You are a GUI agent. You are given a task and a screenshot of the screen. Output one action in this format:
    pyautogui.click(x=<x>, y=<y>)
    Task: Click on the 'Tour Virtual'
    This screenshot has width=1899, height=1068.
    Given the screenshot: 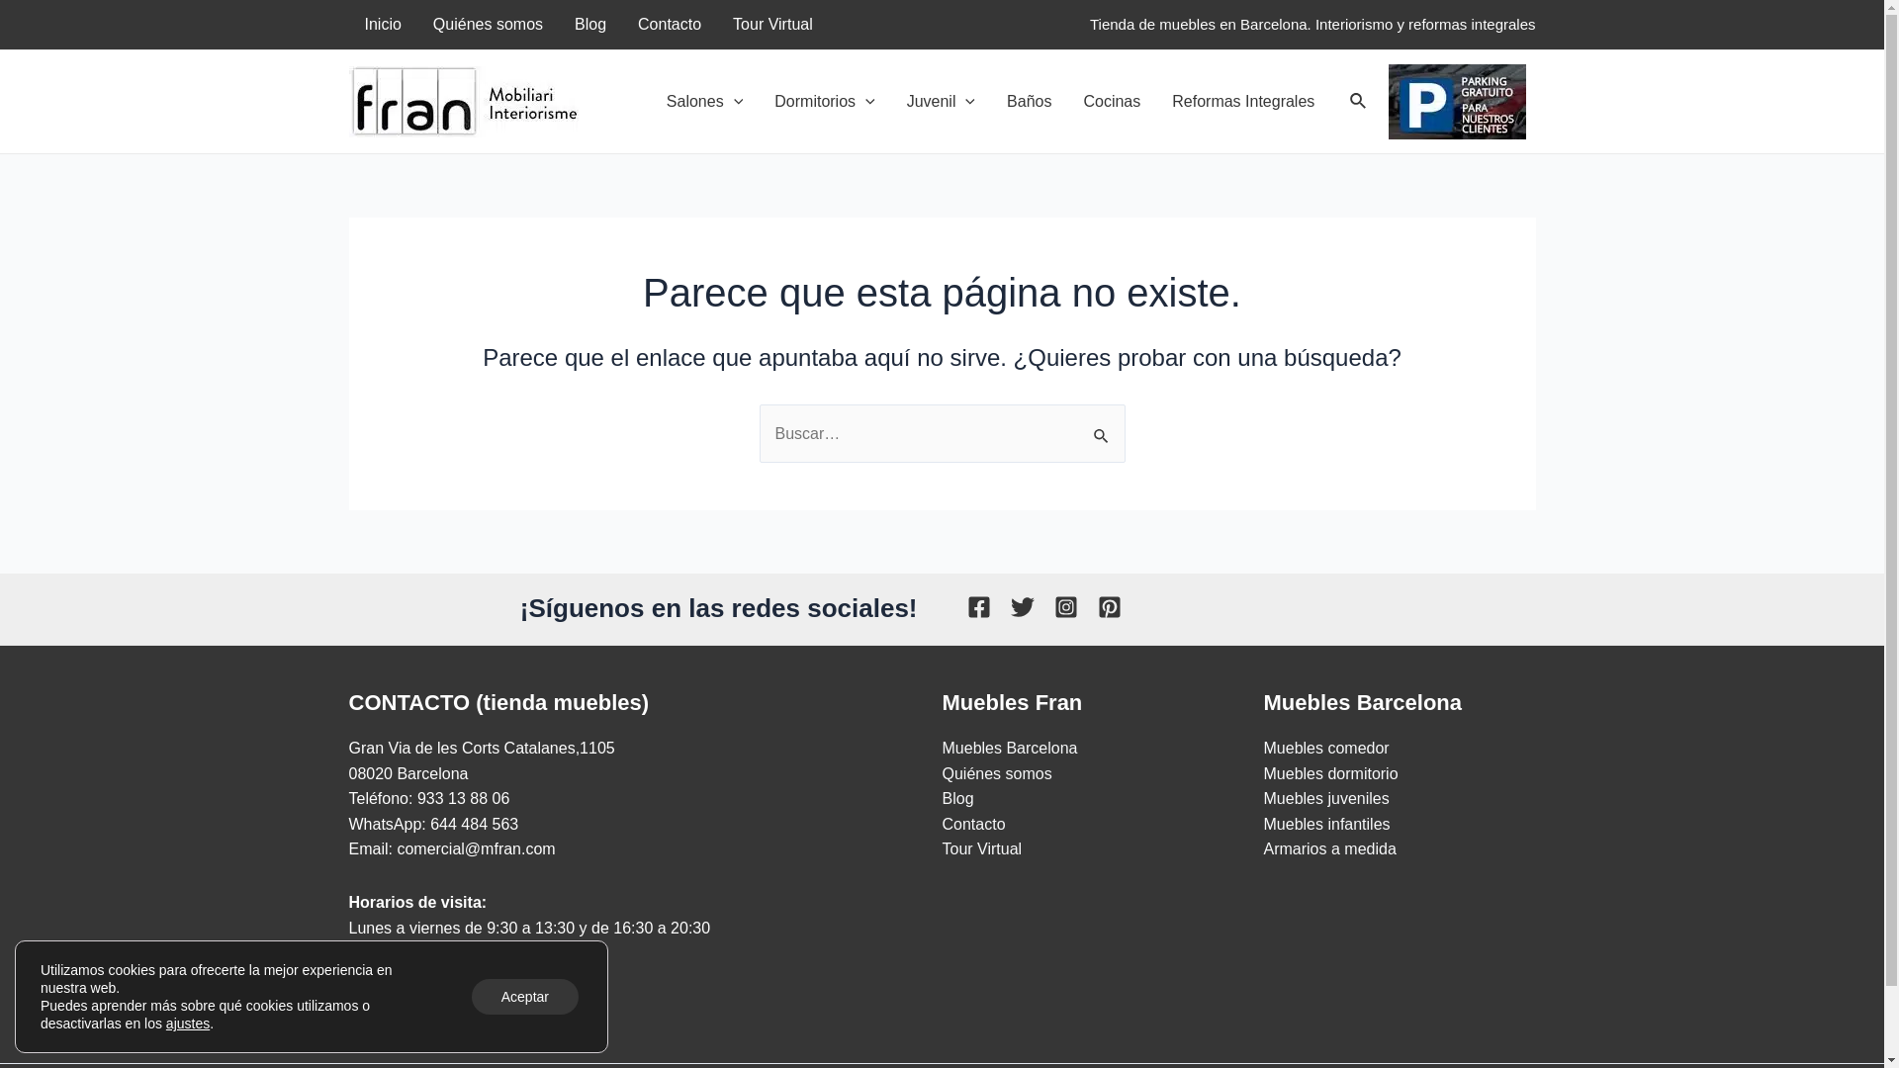 What is the action you would take?
    pyautogui.click(x=981, y=847)
    